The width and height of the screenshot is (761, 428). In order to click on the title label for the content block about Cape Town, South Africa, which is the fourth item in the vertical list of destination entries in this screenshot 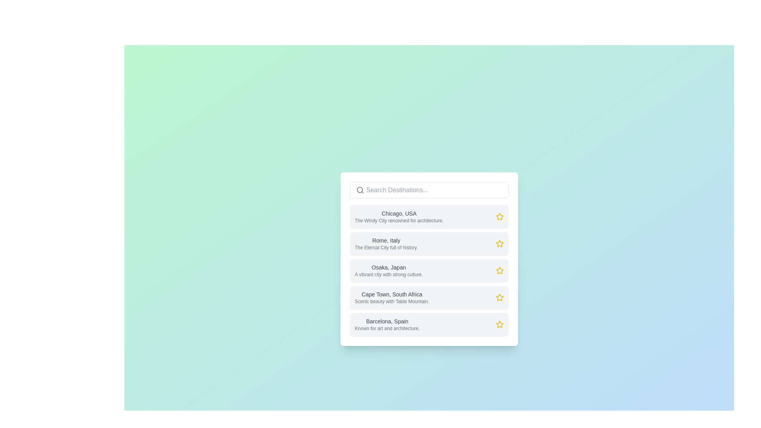, I will do `click(392, 294)`.